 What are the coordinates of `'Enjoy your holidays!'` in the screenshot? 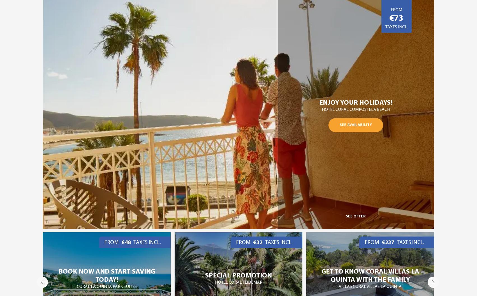 It's located at (356, 102).